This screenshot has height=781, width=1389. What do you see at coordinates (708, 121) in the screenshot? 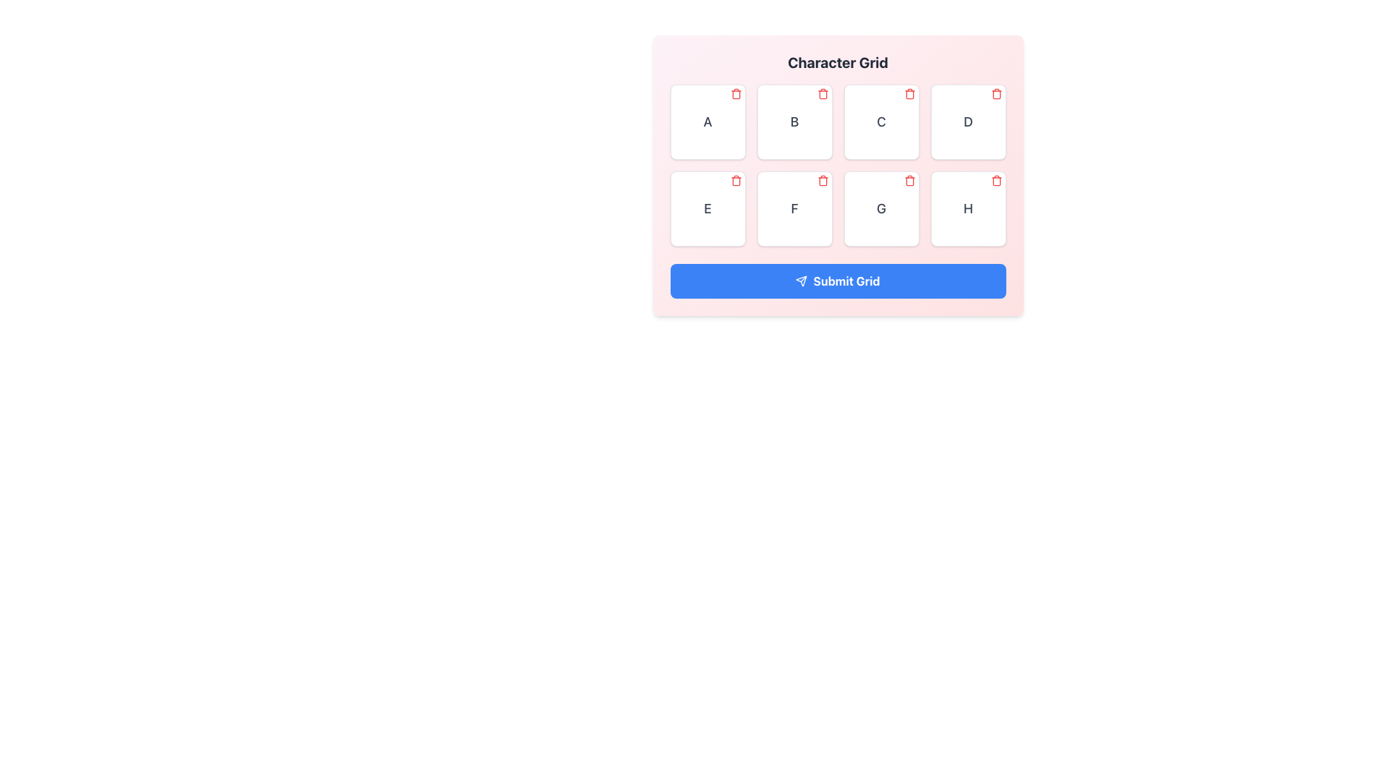
I see `the grid item representing the letter 'A' located at the top-left corner of the grid` at bounding box center [708, 121].